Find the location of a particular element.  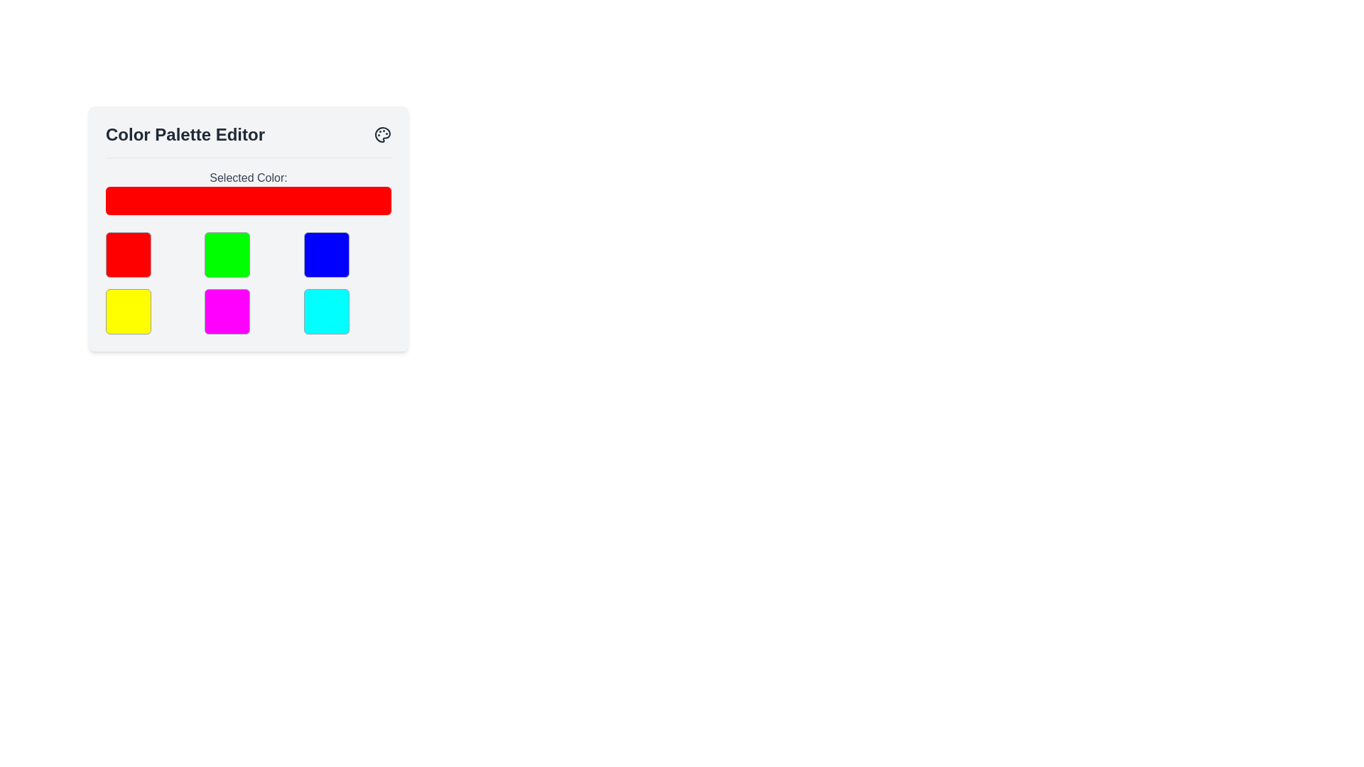

the clickable blue block with rounded corners and gray border, located in the first row, third position of the grid is located at coordinates (325, 254).